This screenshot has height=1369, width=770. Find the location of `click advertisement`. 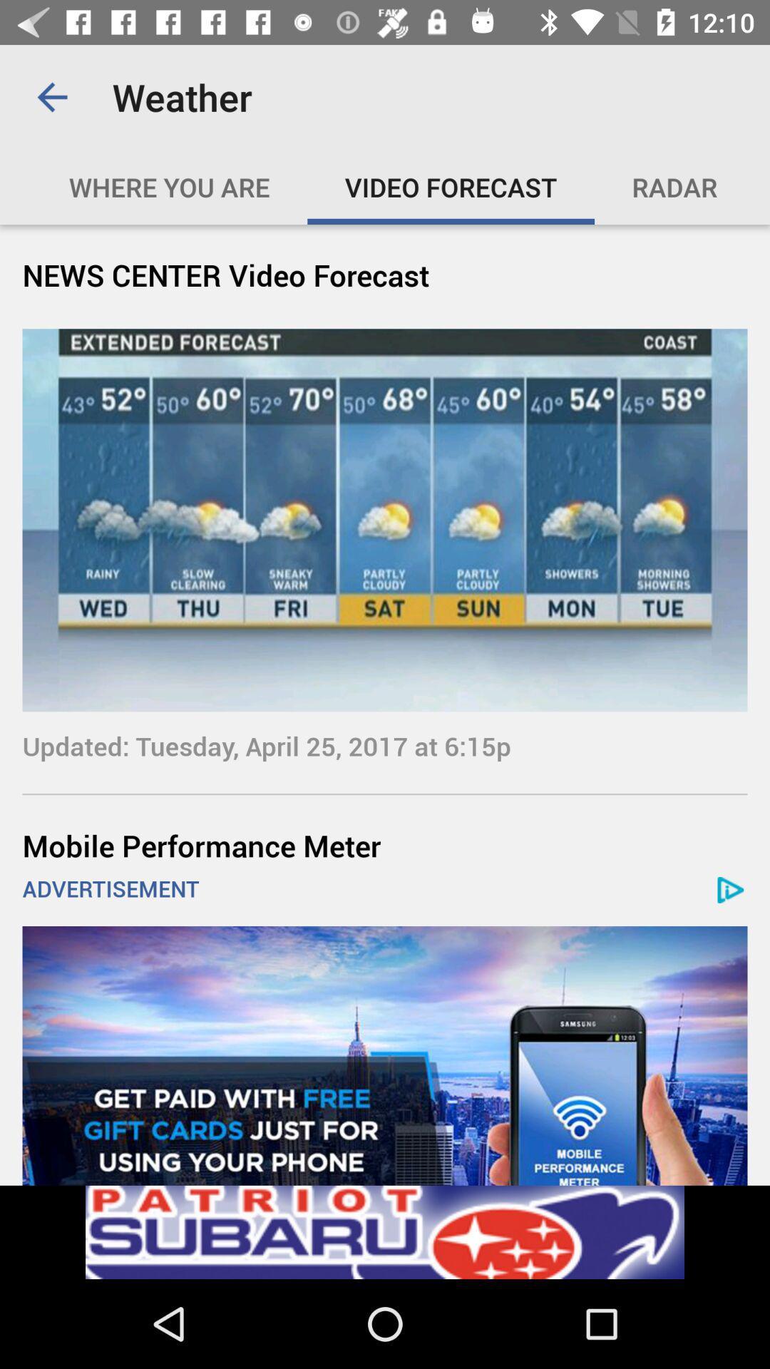

click advertisement is located at coordinates (385, 1231).